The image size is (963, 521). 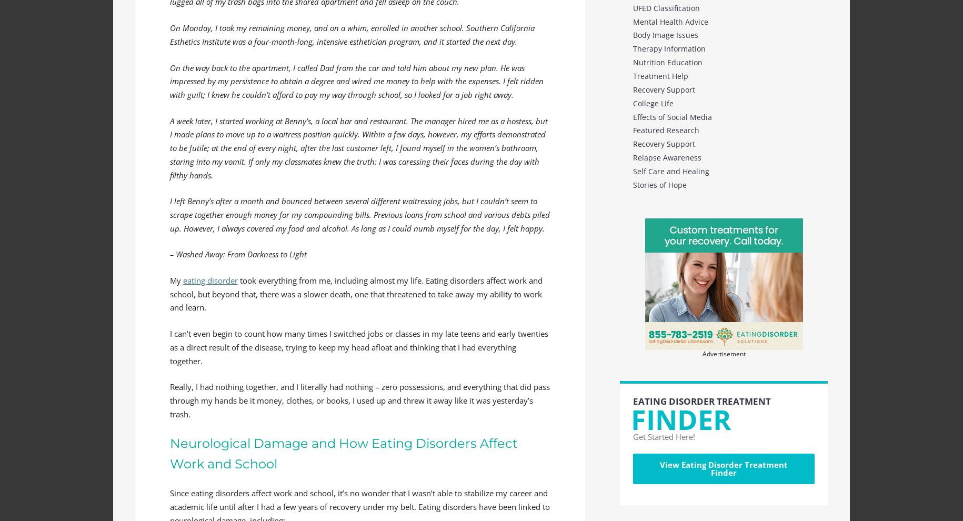 What do you see at coordinates (633, 21) in the screenshot?
I see `'Mental Health Advice'` at bounding box center [633, 21].